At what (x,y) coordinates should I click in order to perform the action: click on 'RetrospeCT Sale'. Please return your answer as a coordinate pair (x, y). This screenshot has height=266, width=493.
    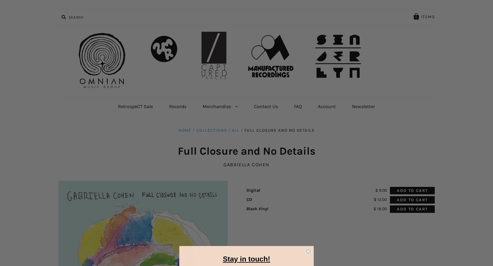
    Looking at the image, I should click on (135, 106).